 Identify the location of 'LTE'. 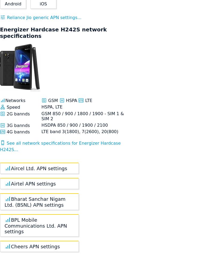
(88, 100).